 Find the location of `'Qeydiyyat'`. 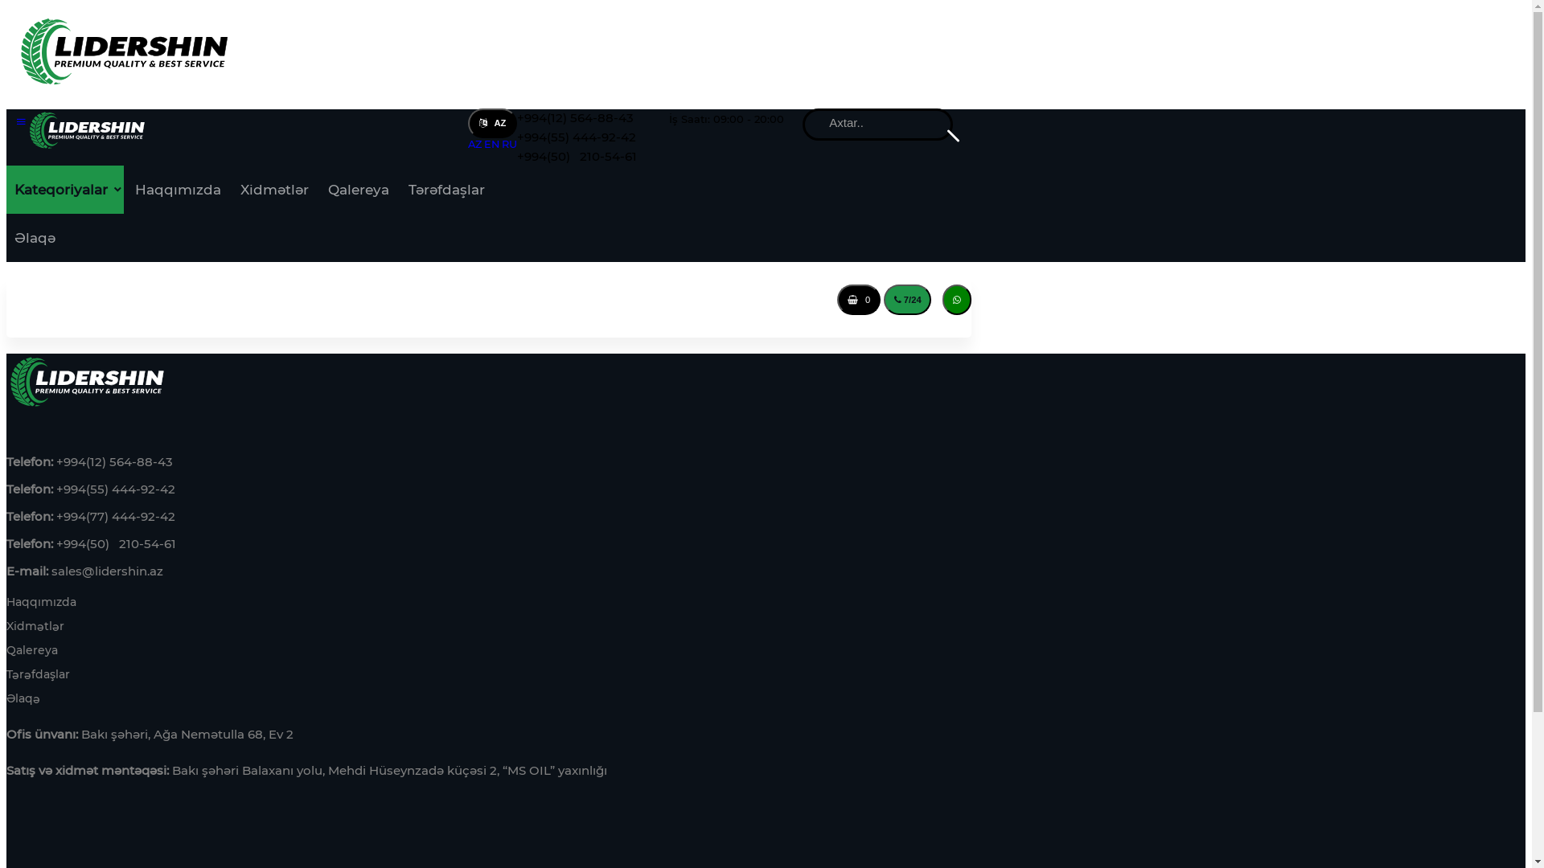

'Qeydiyyat' is located at coordinates (668, 297).